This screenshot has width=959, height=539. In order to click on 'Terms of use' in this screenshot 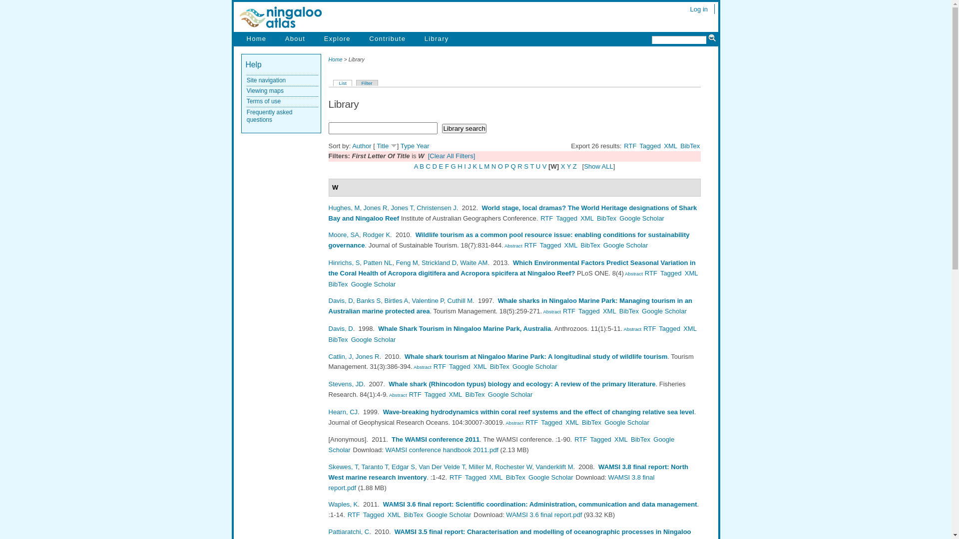, I will do `click(264, 101)`.